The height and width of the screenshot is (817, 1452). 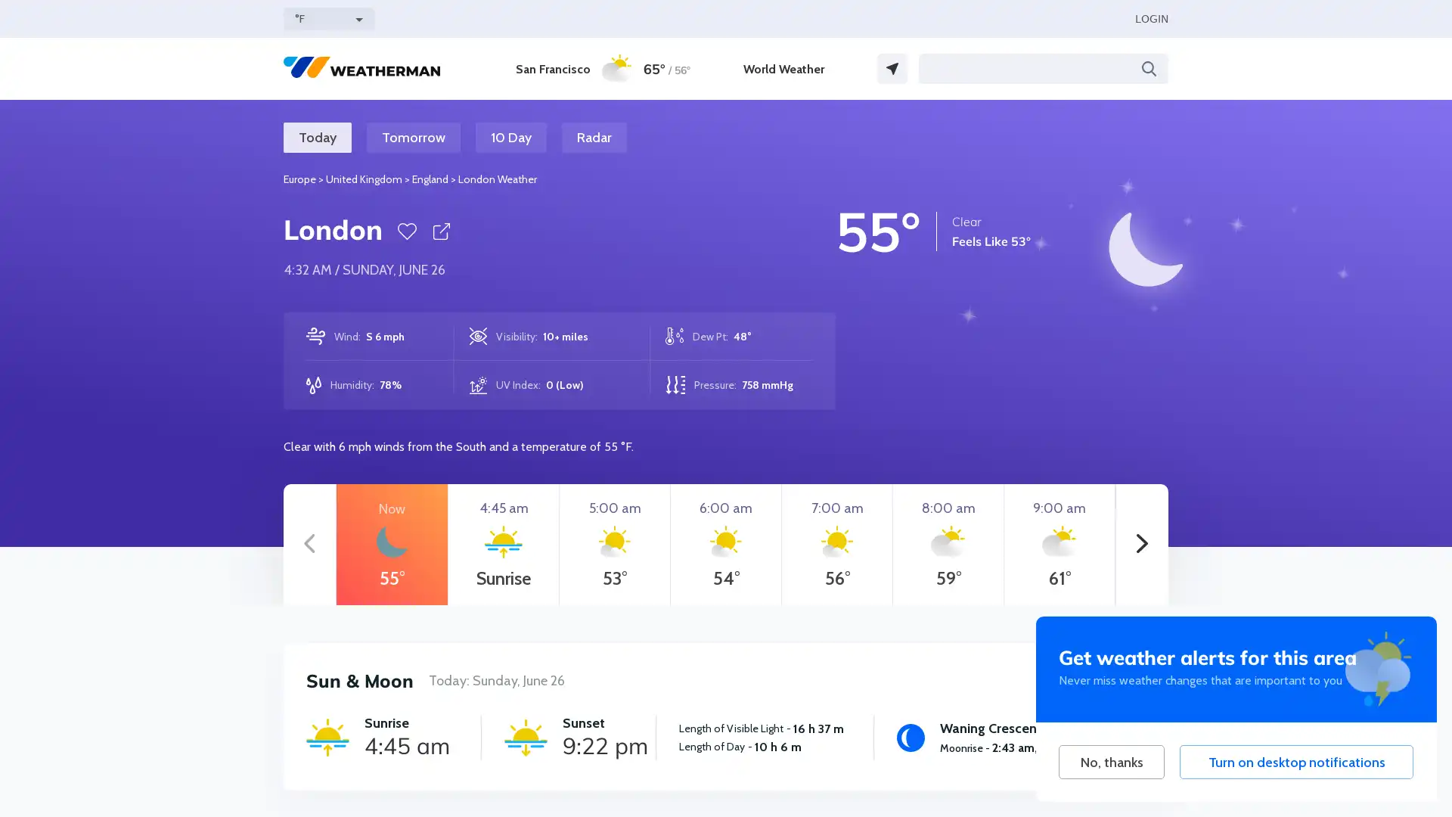 What do you see at coordinates (440, 231) in the screenshot?
I see `Share` at bounding box center [440, 231].